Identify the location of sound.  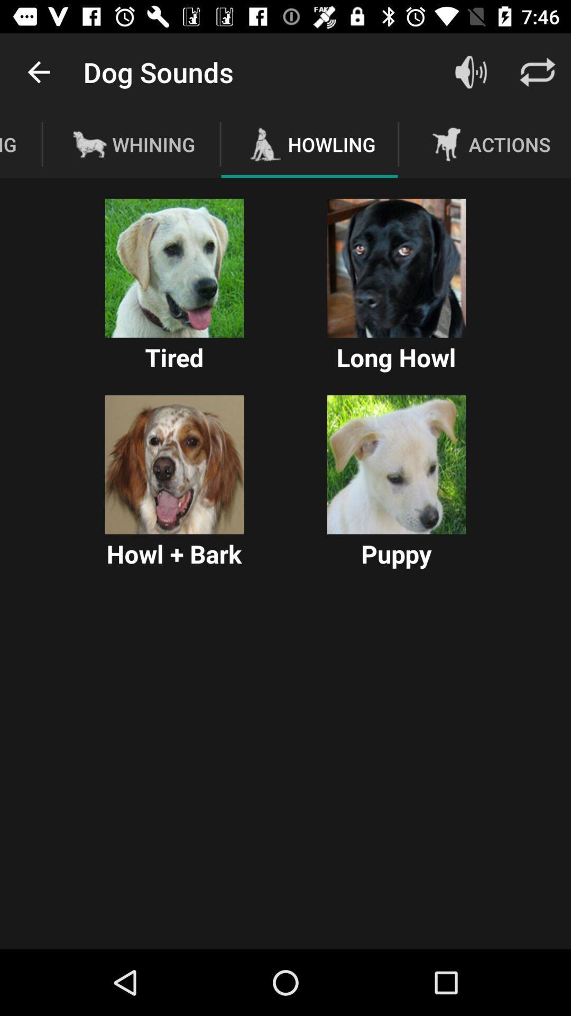
(396, 268).